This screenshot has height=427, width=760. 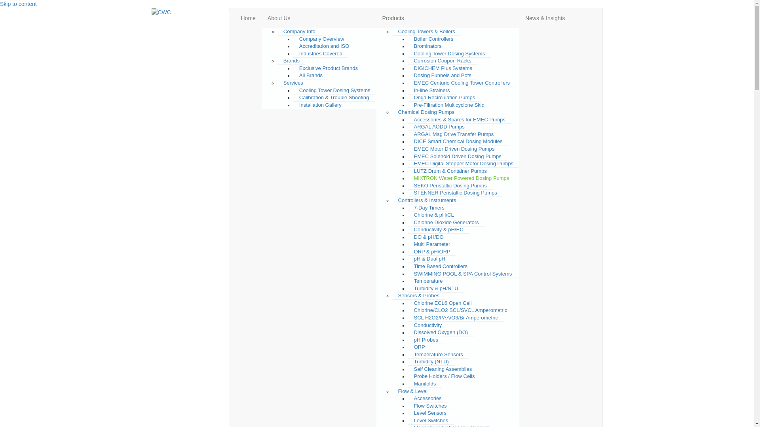 What do you see at coordinates (445, 97) in the screenshot?
I see `'Onga Recirculation Pumps'` at bounding box center [445, 97].